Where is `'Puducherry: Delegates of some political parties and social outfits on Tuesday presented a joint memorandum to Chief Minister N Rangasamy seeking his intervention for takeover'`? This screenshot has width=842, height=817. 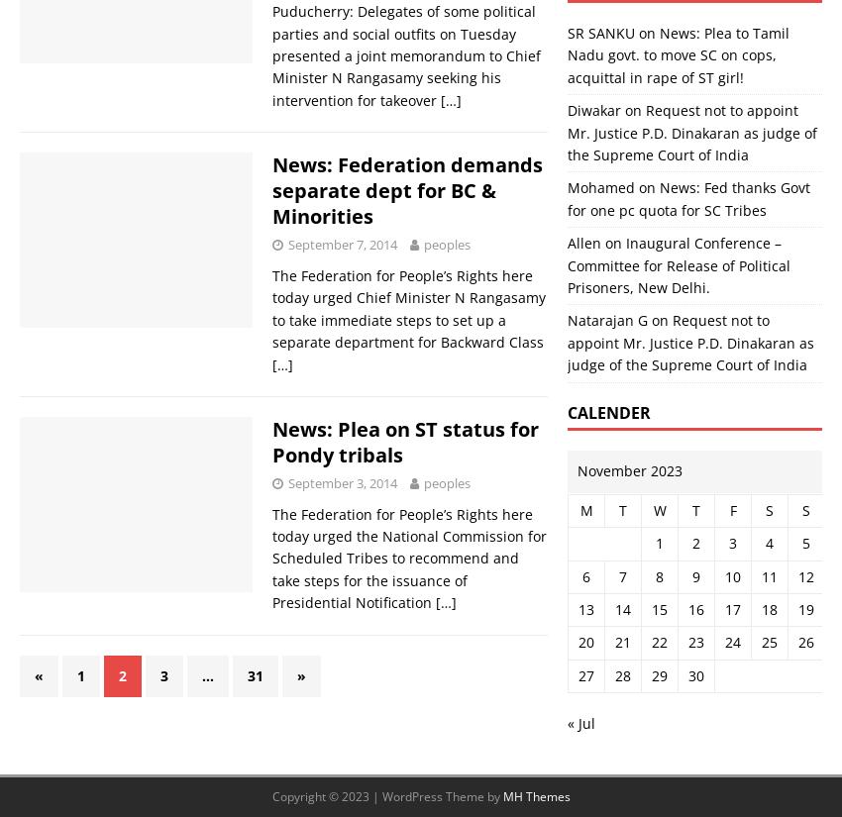 'Puducherry: Delegates of some political parties and social outfits on Tuesday presented a joint memorandum to Chief Minister N Rangasamy seeking his intervention for takeover' is located at coordinates (406, 55).